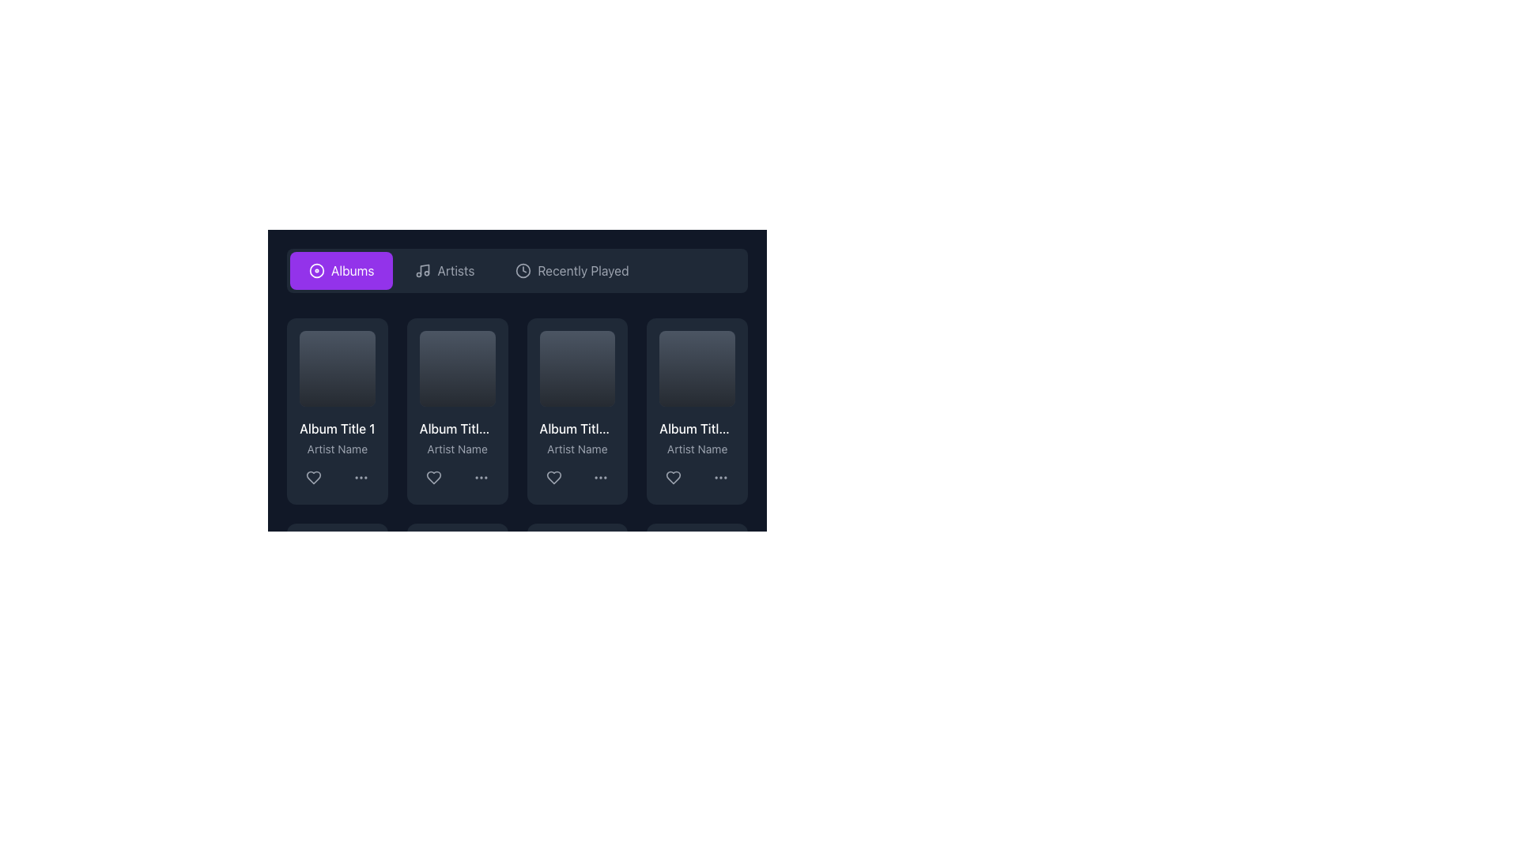  What do you see at coordinates (314, 476) in the screenshot?
I see `the heart-shaped icon button located in the first column beneath the album title` at bounding box center [314, 476].